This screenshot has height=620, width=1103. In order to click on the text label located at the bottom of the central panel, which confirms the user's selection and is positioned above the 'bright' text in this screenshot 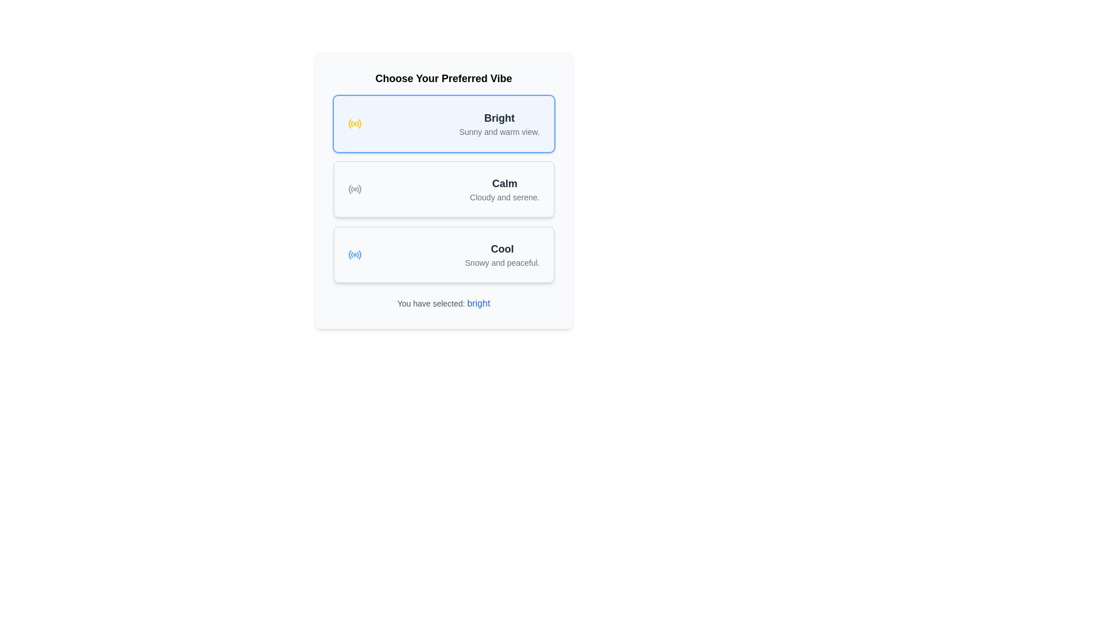, I will do `click(431, 303)`.